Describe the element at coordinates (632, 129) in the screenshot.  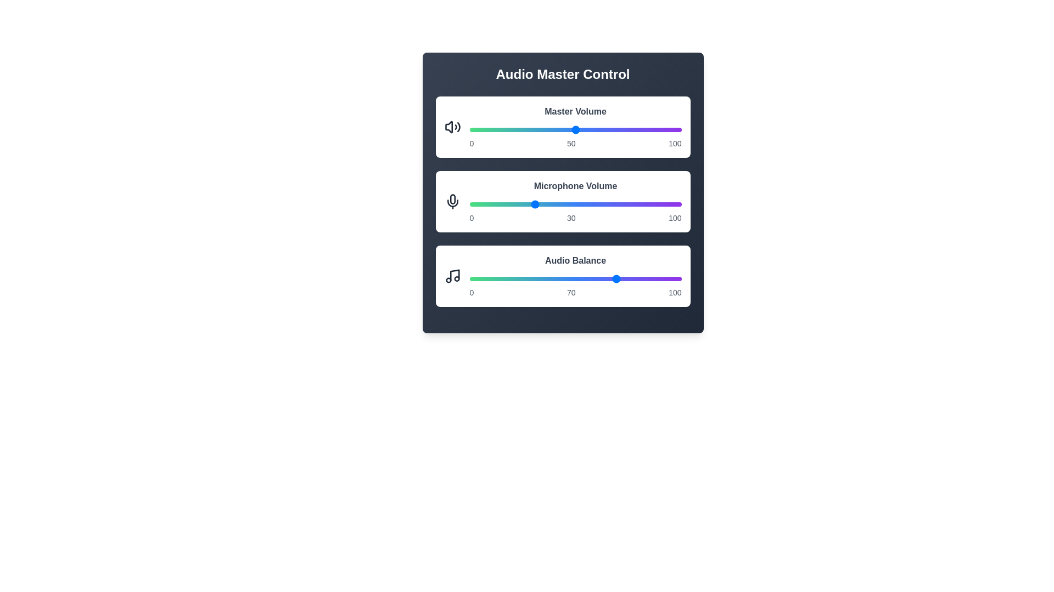
I see `the Master Volume slider to 77%` at that location.